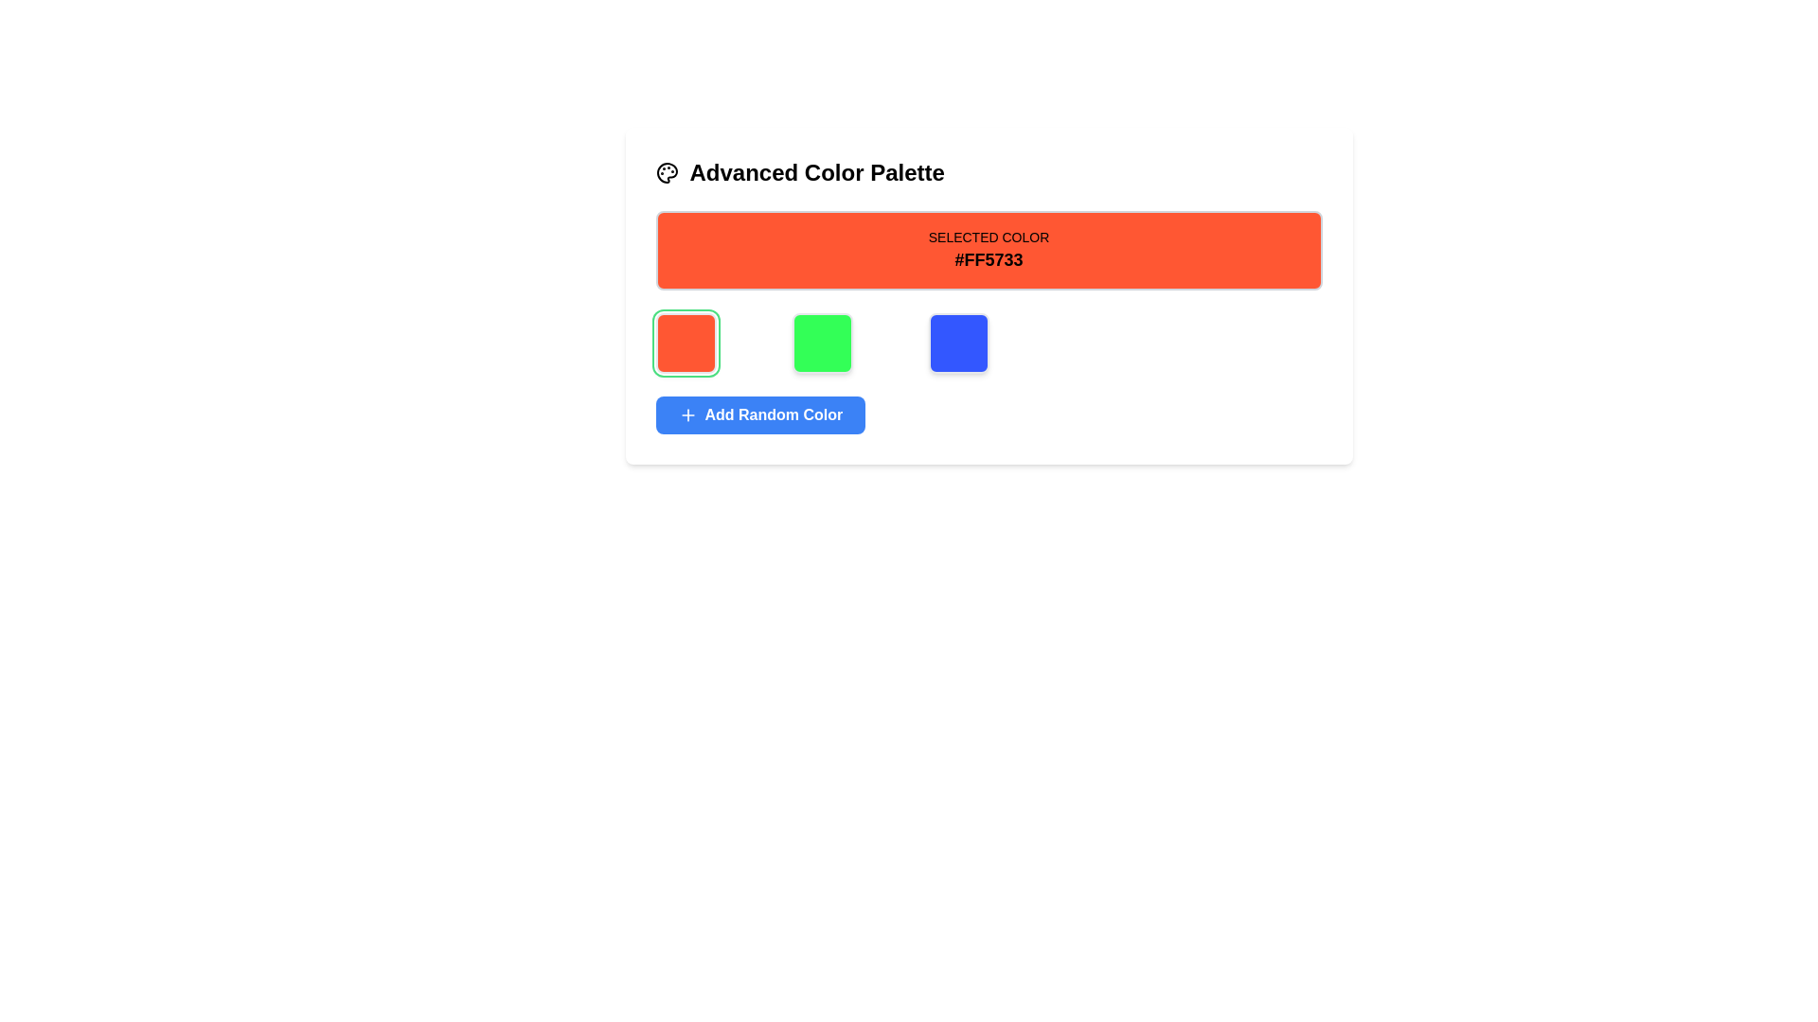 The image size is (1818, 1022). What do you see at coordinates (685, 343) in the screenshot?
I see `the first square button in the color selection grid` at bounding box center [685, 343].